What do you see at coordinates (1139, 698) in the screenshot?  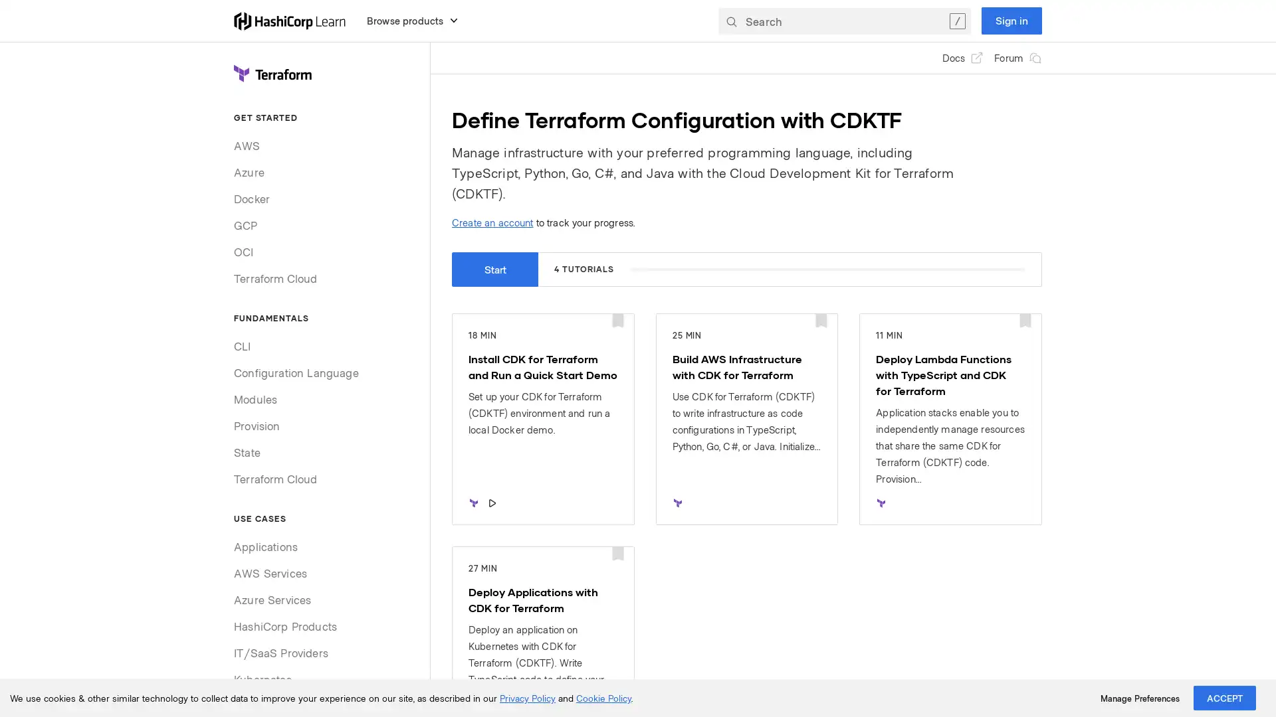 I see `Manage Preferences` at bounding box center [1139, 698].